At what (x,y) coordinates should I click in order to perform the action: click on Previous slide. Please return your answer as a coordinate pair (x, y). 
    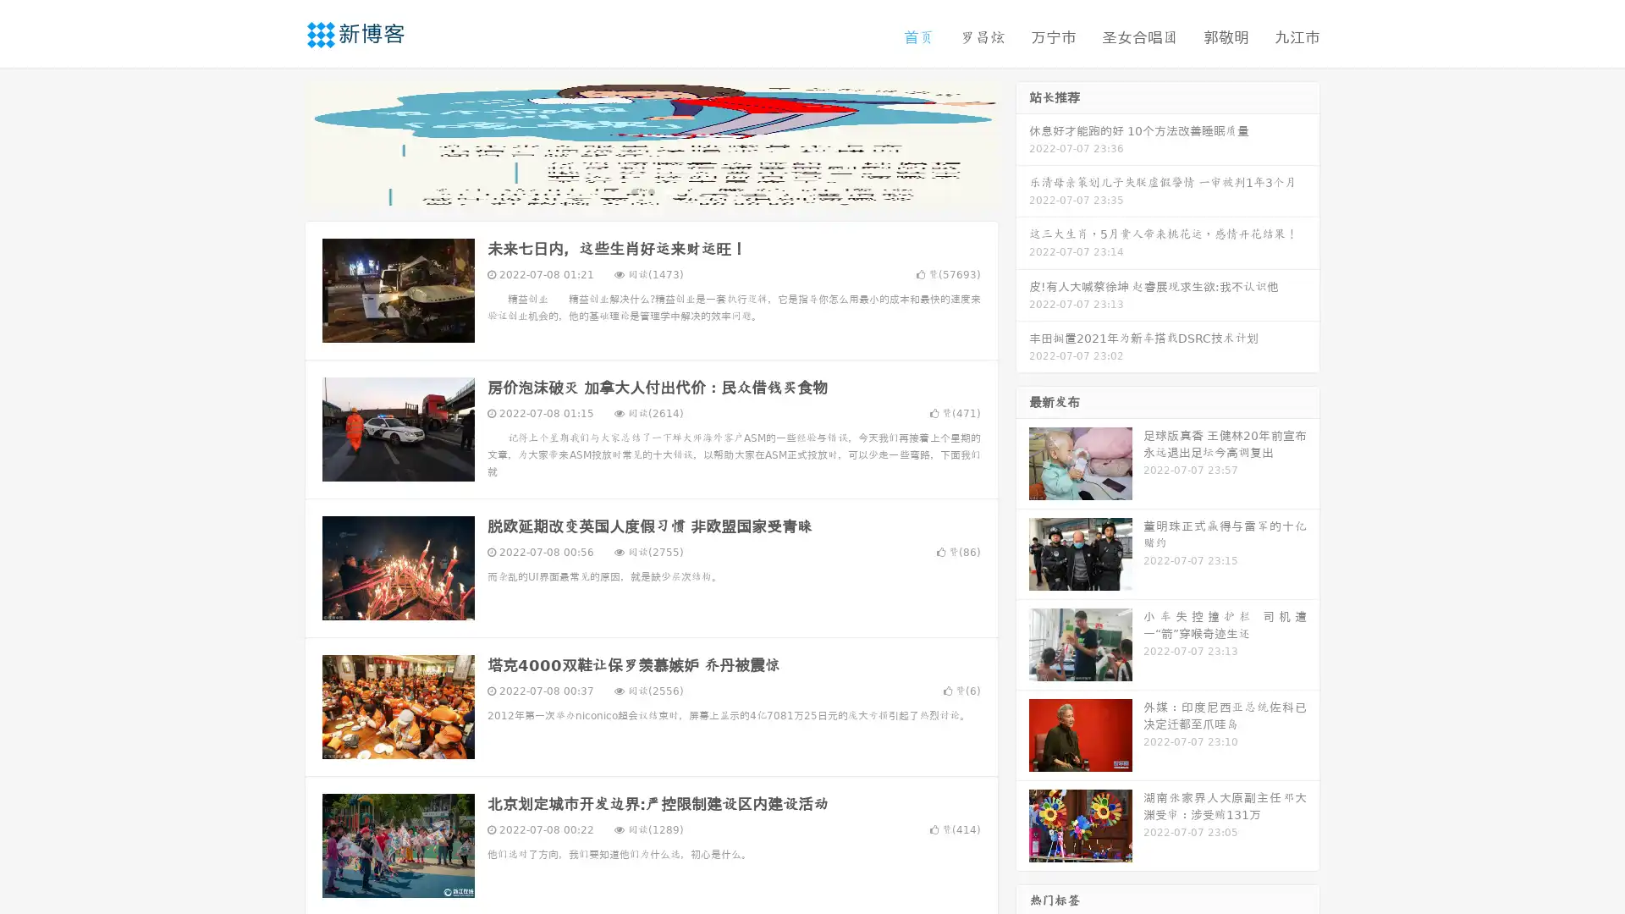
    Looking at the image, I should click on (279, 142).